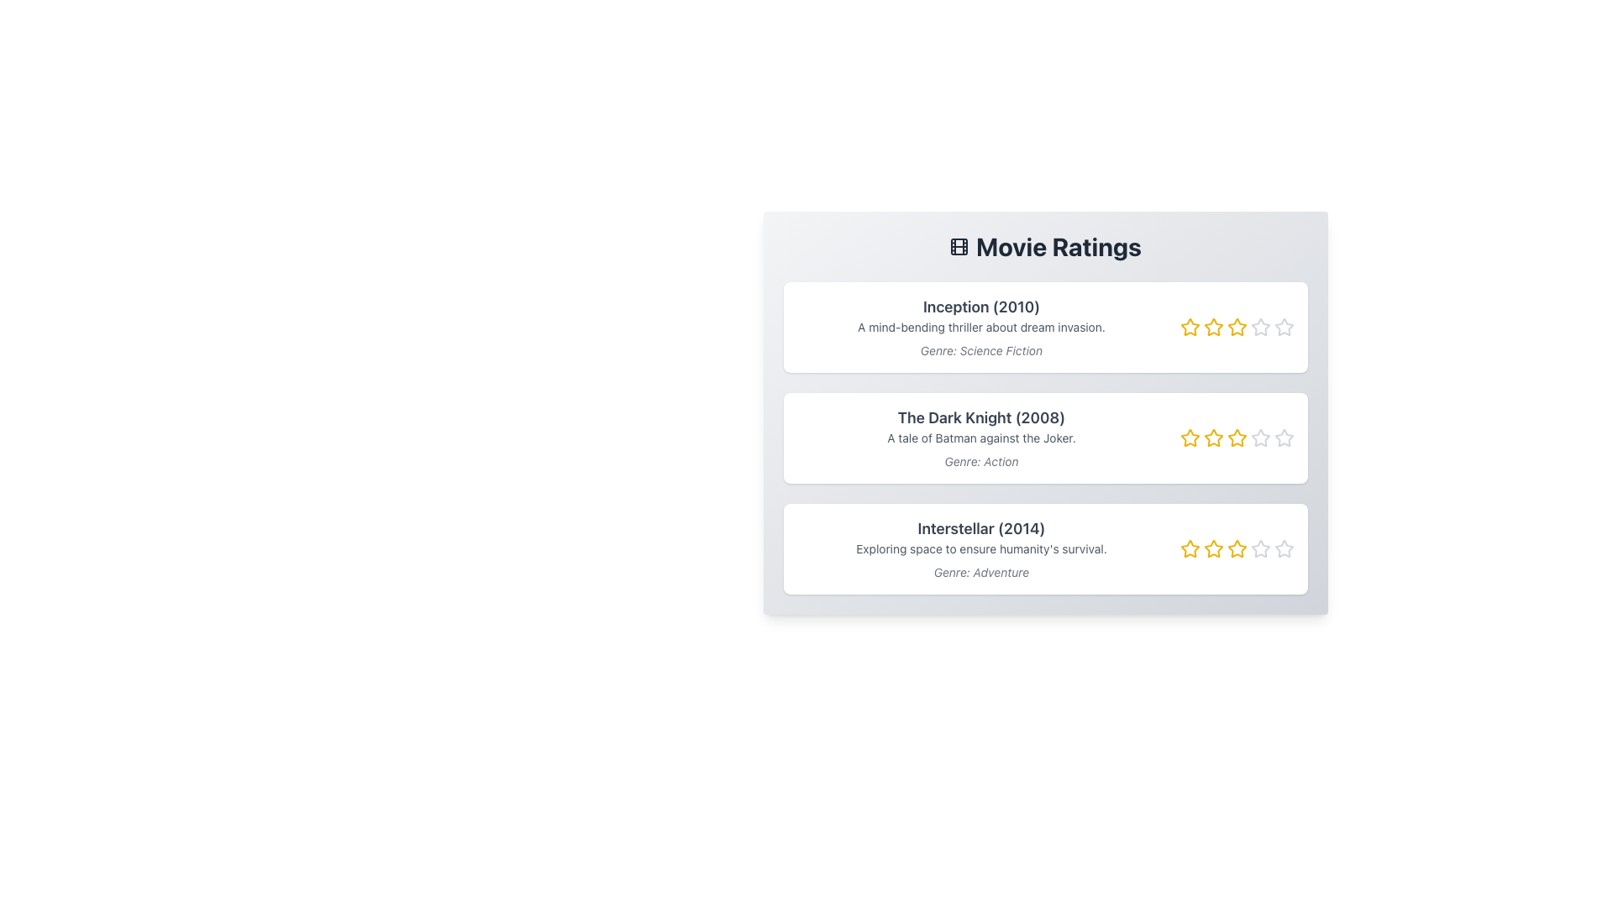 The width and height of the screenshot is (1613, 907). Describe the element at coordinates (981, 327) in the screenshot. I see `the text label that reads 'A mind-bending thriller about dream invasion.' located within the movie card for 'Inception (2010)'` at that location.